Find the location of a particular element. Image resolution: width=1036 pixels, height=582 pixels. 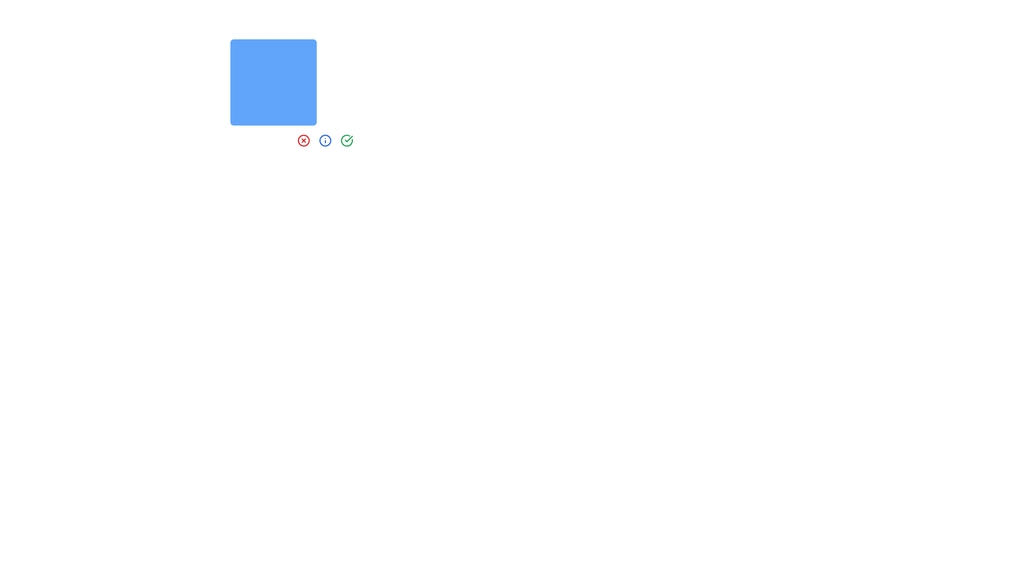

the SVG Circle that is part of the information icon, located towards the bottom right of a blue square element is located at coordinates (325, 140).